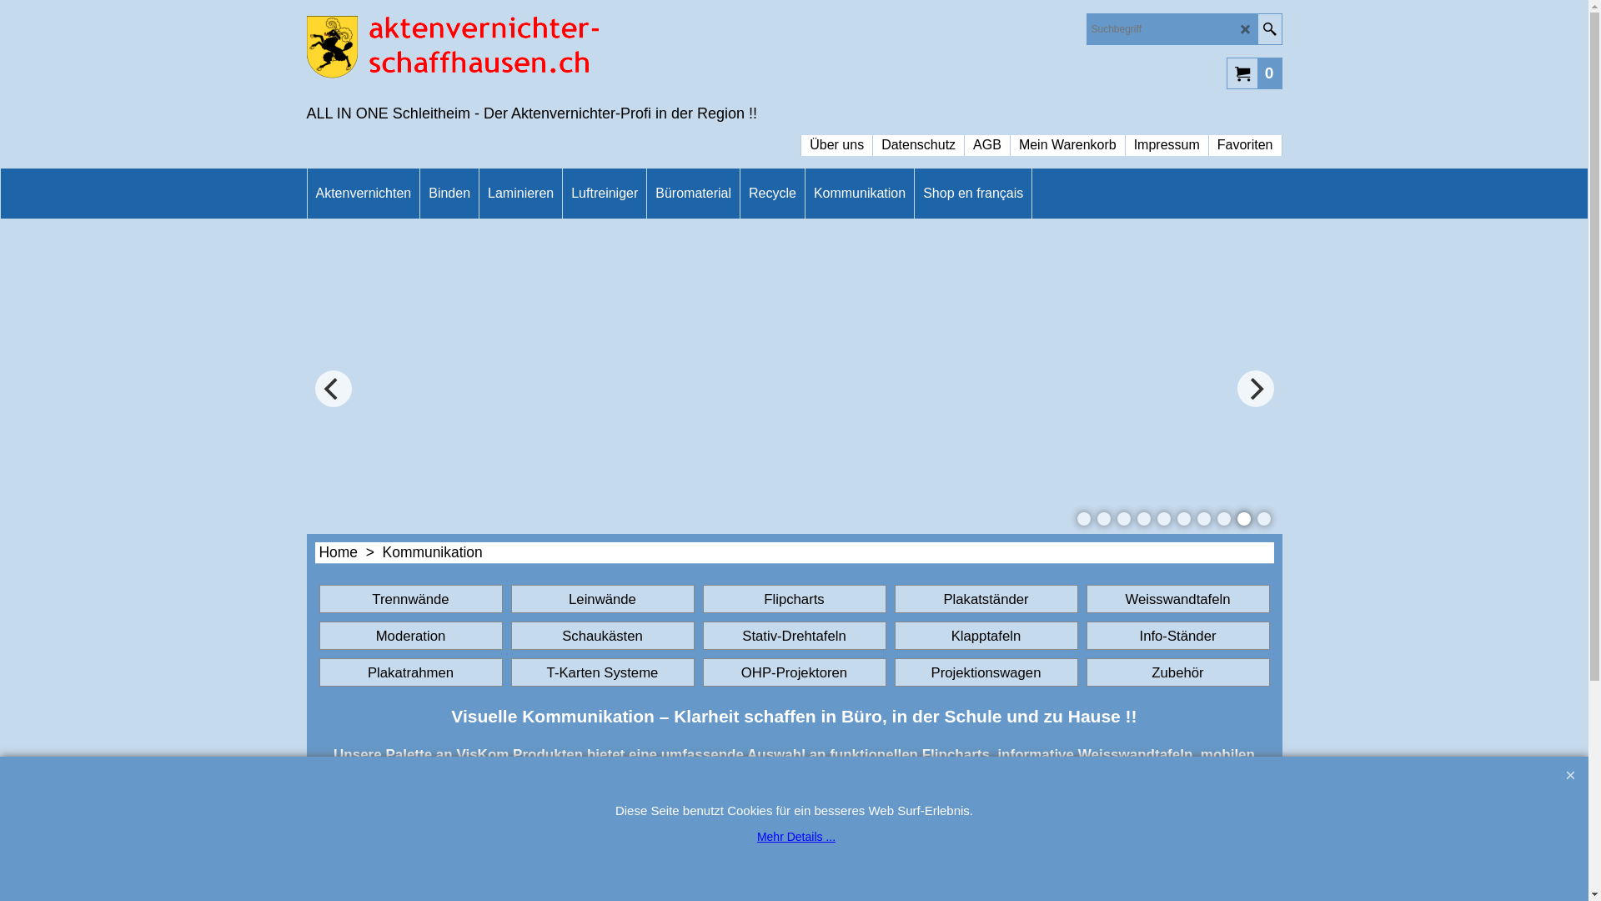 The width and height of the screenshot is (1601, 901). What do you see at coordinates (701, 636) in the screenshot?
I see `'Stativ-Drehtafeln'` at bounding box center [701, 636].